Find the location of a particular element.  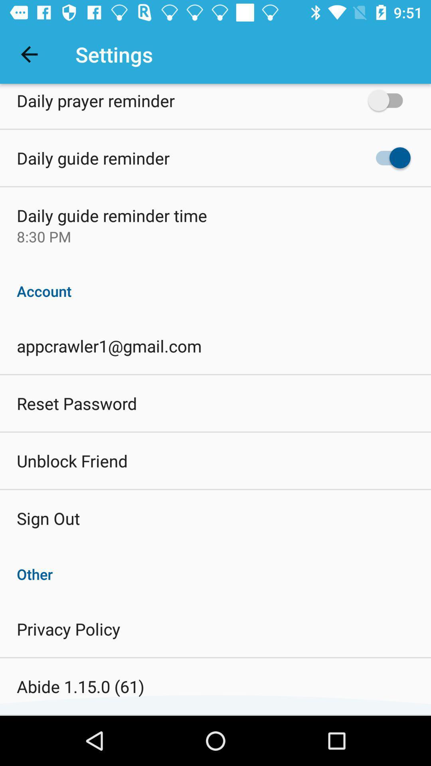

icon to the left of settings icon is located at coordinates (29, 54).